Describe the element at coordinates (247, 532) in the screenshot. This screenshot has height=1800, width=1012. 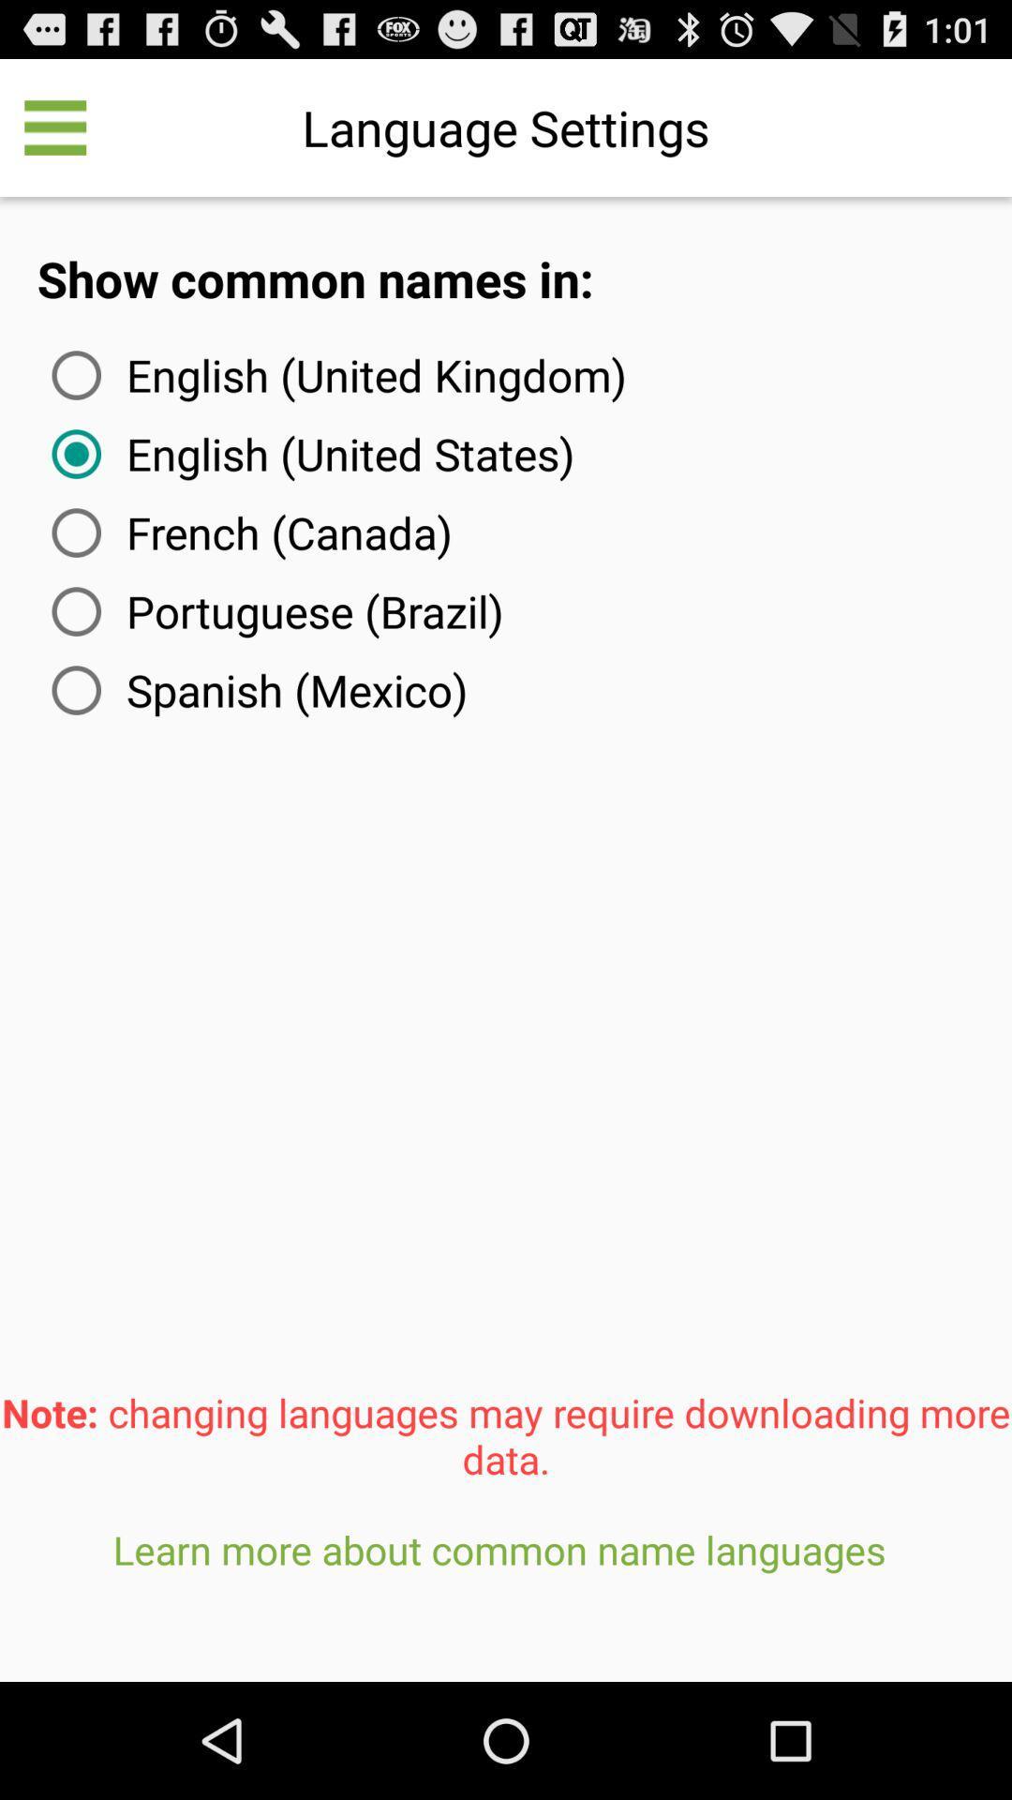
I see `item above portuguese (brazil) icon` at that location.